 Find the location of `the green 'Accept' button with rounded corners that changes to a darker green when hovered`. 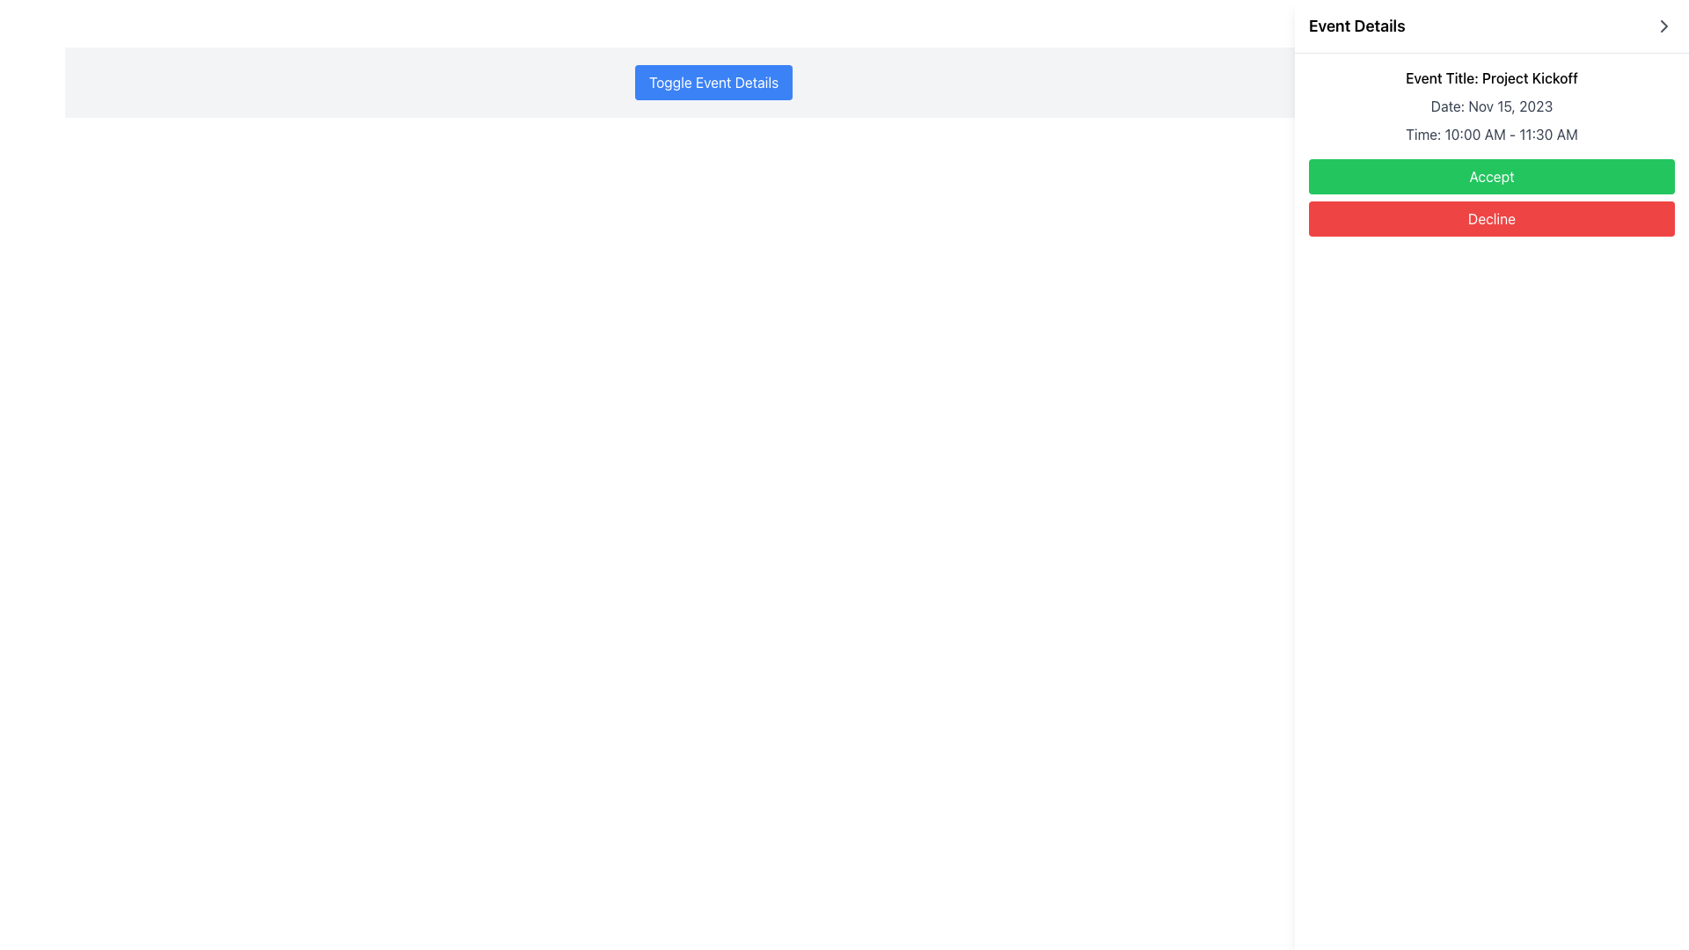

the green 'Accept' button with rounded corners that changes to a darker green when hovered is located at coordinates (1490, 176).